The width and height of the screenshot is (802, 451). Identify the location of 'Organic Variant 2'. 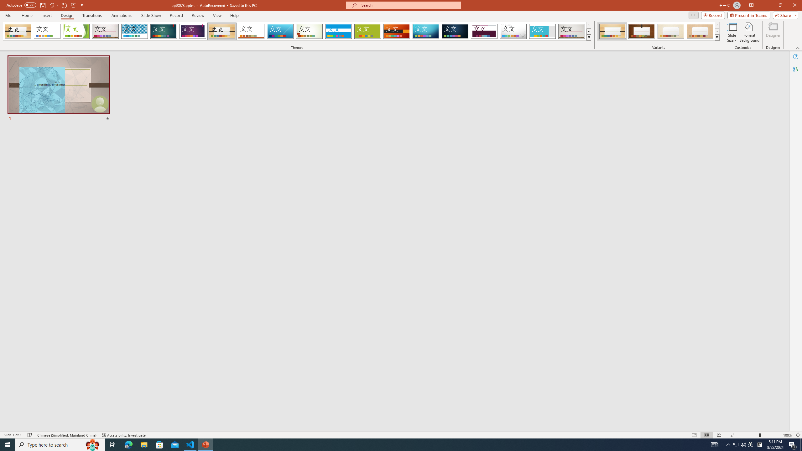
(641, 31).